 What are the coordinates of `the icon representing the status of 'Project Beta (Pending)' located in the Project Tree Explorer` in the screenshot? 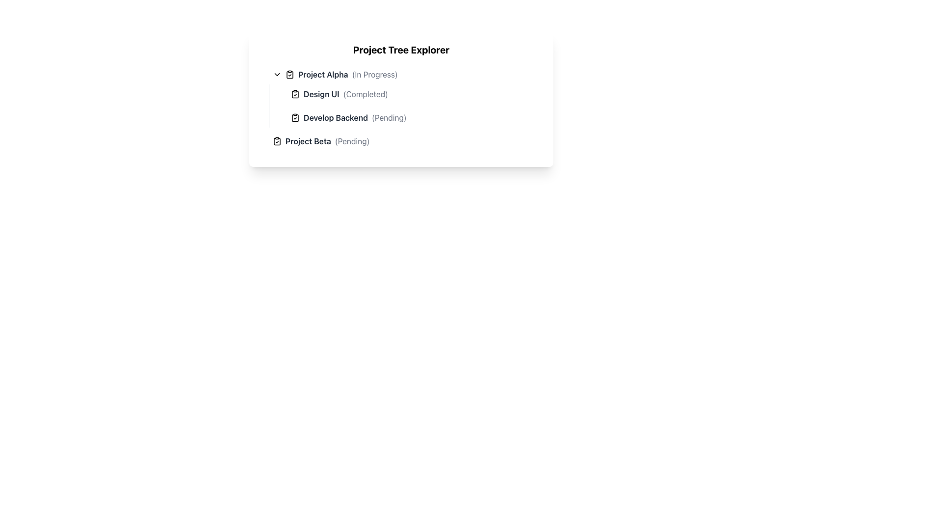 It's located at (277, 141).